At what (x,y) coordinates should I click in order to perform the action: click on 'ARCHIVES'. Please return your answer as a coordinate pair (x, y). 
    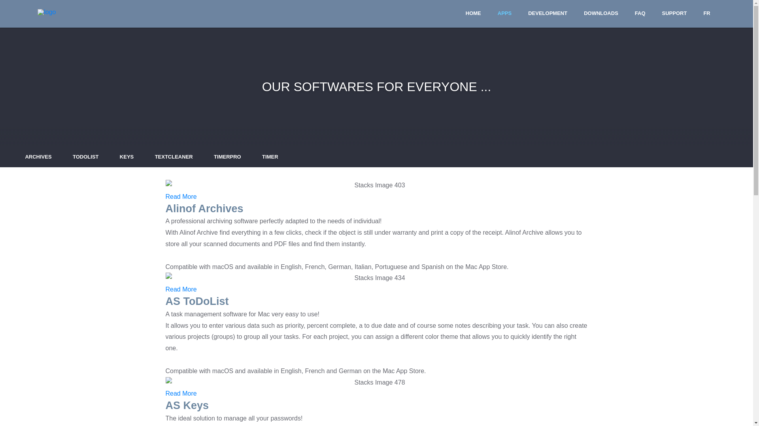
    Looking at the image, I should click on (38, 157).